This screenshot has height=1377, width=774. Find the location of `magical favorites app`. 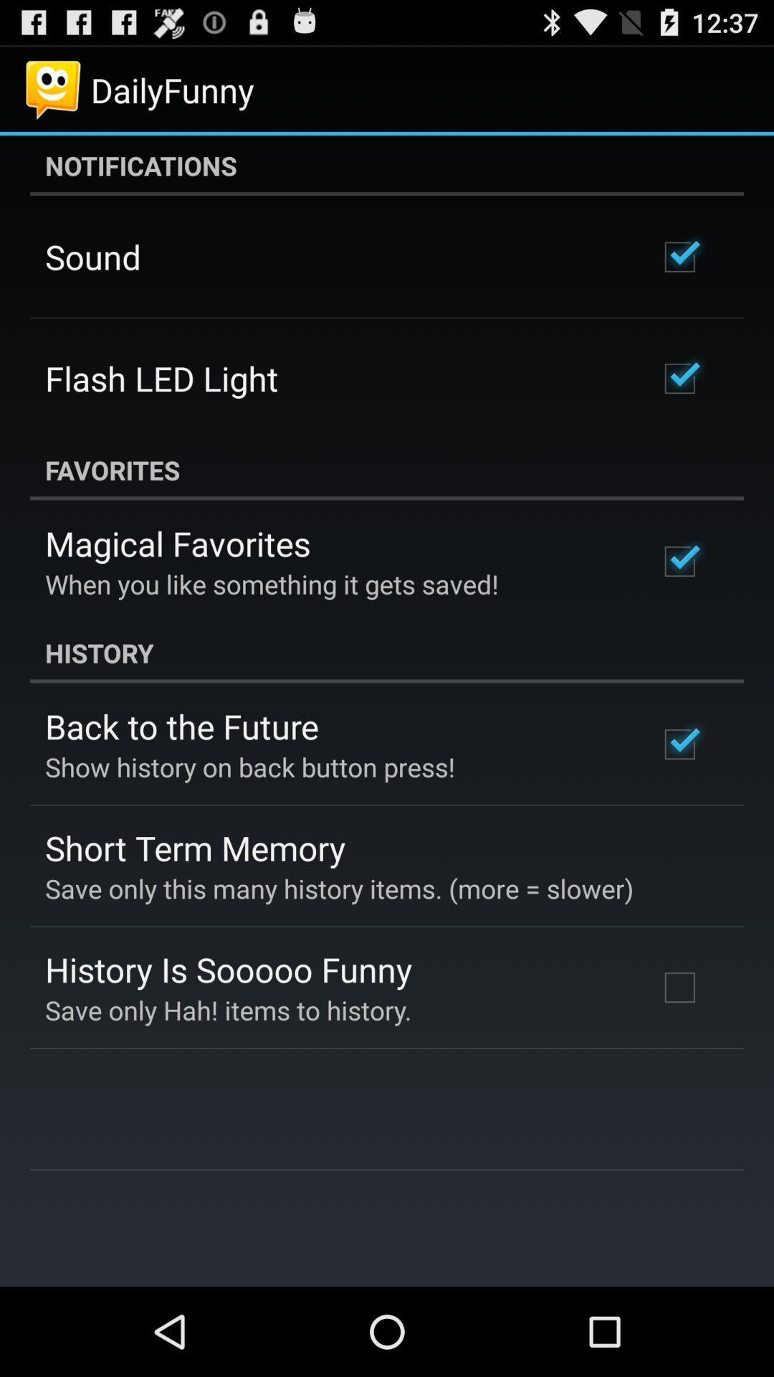

magical favorites app is located at coordinates (177, 542).